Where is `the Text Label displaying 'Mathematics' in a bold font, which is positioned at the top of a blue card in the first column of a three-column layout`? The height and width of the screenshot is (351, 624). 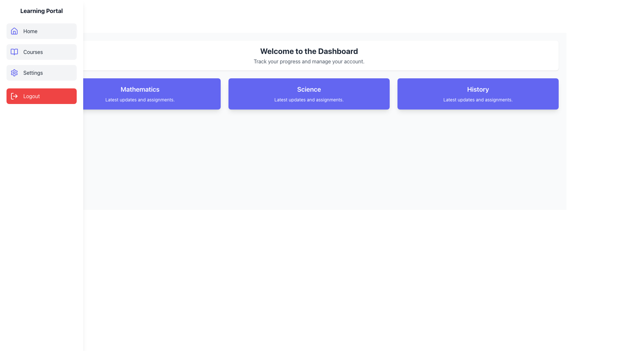
the Text Label displaying 'Mathematics' in a bold font, which is positioned at the top of a blue card in the first column of a three-column layout is located at coordinates (140, 89).